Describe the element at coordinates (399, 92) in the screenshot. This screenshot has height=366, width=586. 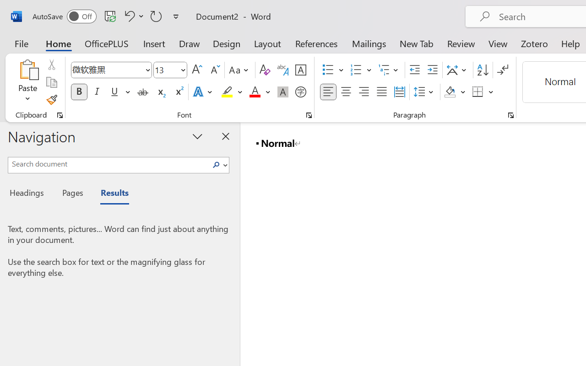
I see `'Distributed'` at that location.